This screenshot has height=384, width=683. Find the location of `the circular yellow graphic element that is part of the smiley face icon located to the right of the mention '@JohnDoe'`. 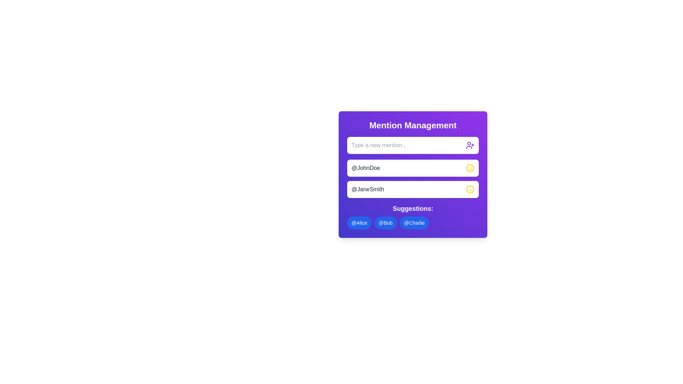

the circular yellow graphic element that is part of the smiley face icon located to the right of the mention '@JohnDoe' is located at coordinates (470, 189).